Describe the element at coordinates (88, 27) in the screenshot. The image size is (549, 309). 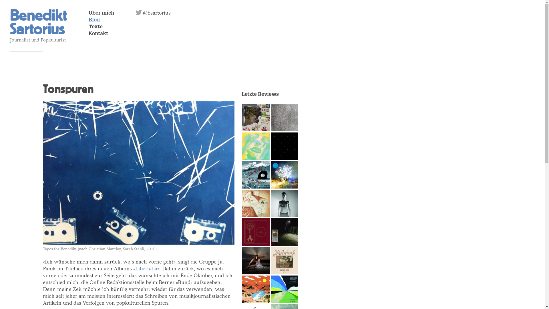
I see `'Texte'` at that location.